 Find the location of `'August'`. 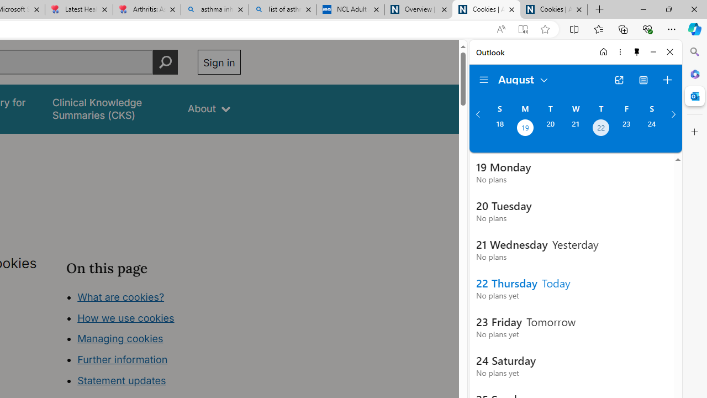

'August' is located at coordinates (523, 78).